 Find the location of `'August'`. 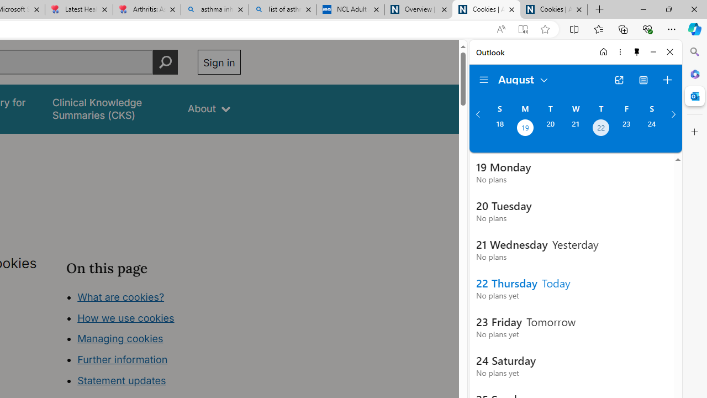

'August' is located at coordinates (523, 78).